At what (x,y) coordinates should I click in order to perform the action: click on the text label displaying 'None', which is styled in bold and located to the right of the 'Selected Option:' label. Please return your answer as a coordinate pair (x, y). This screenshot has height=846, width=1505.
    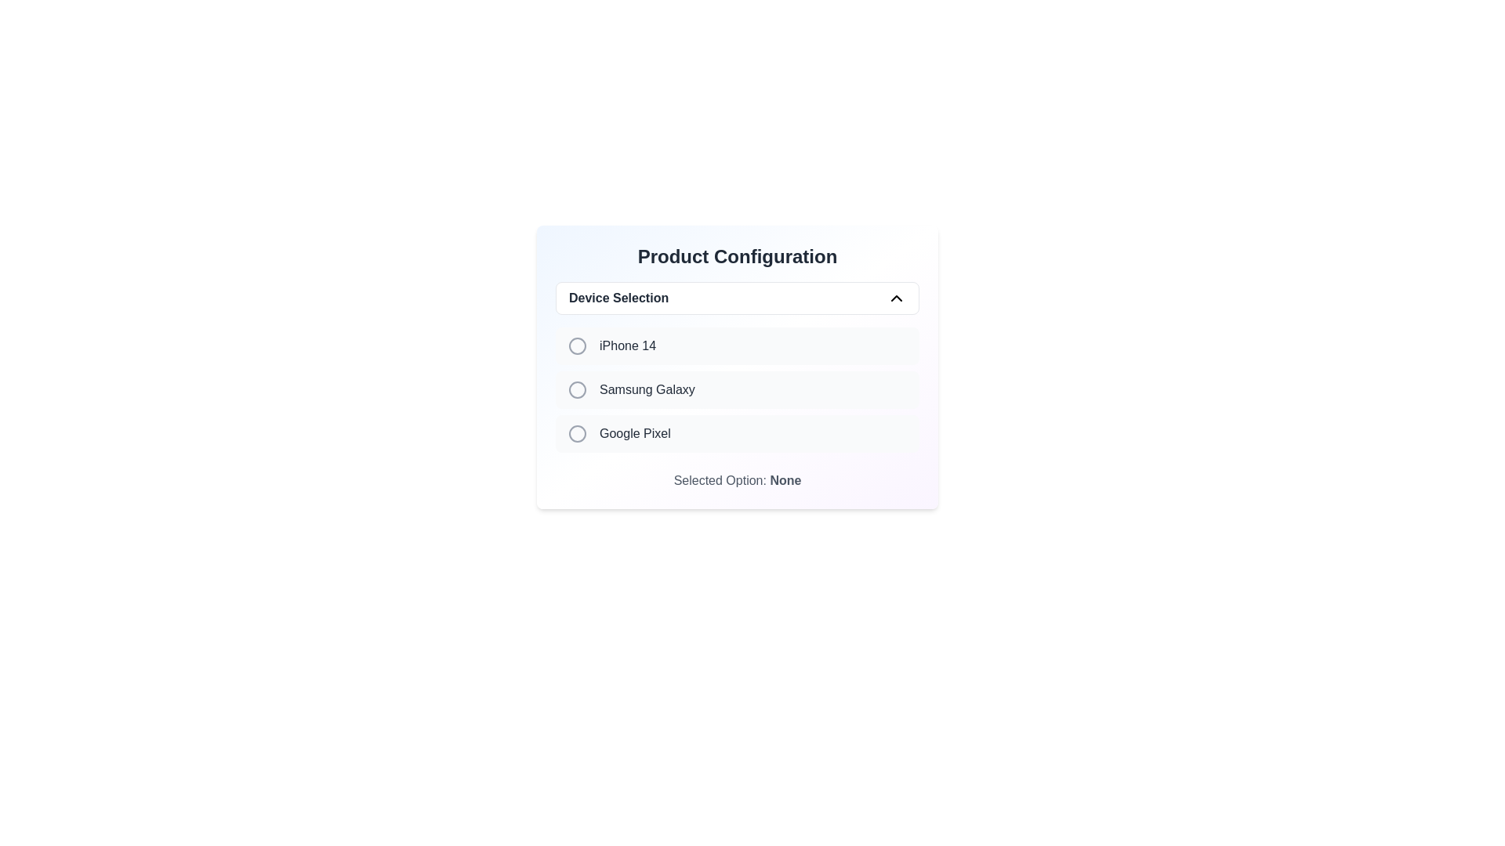
    Looking at the image, I should click on (785, 479).